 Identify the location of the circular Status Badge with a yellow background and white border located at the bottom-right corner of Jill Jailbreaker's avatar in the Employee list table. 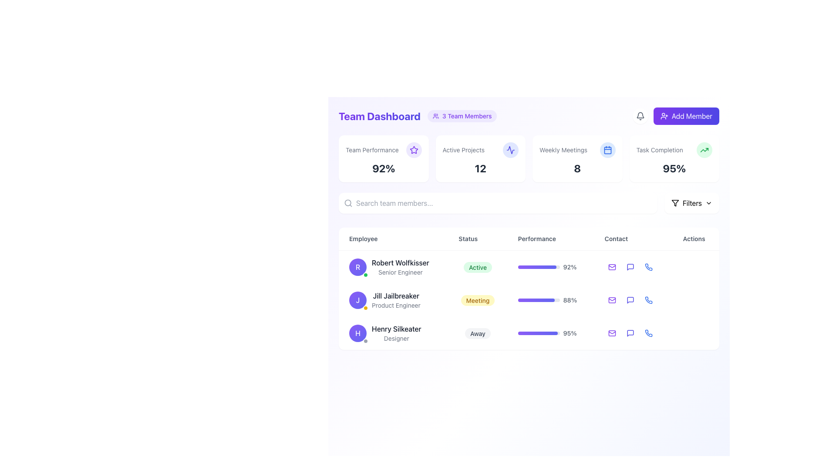
(366, 308).